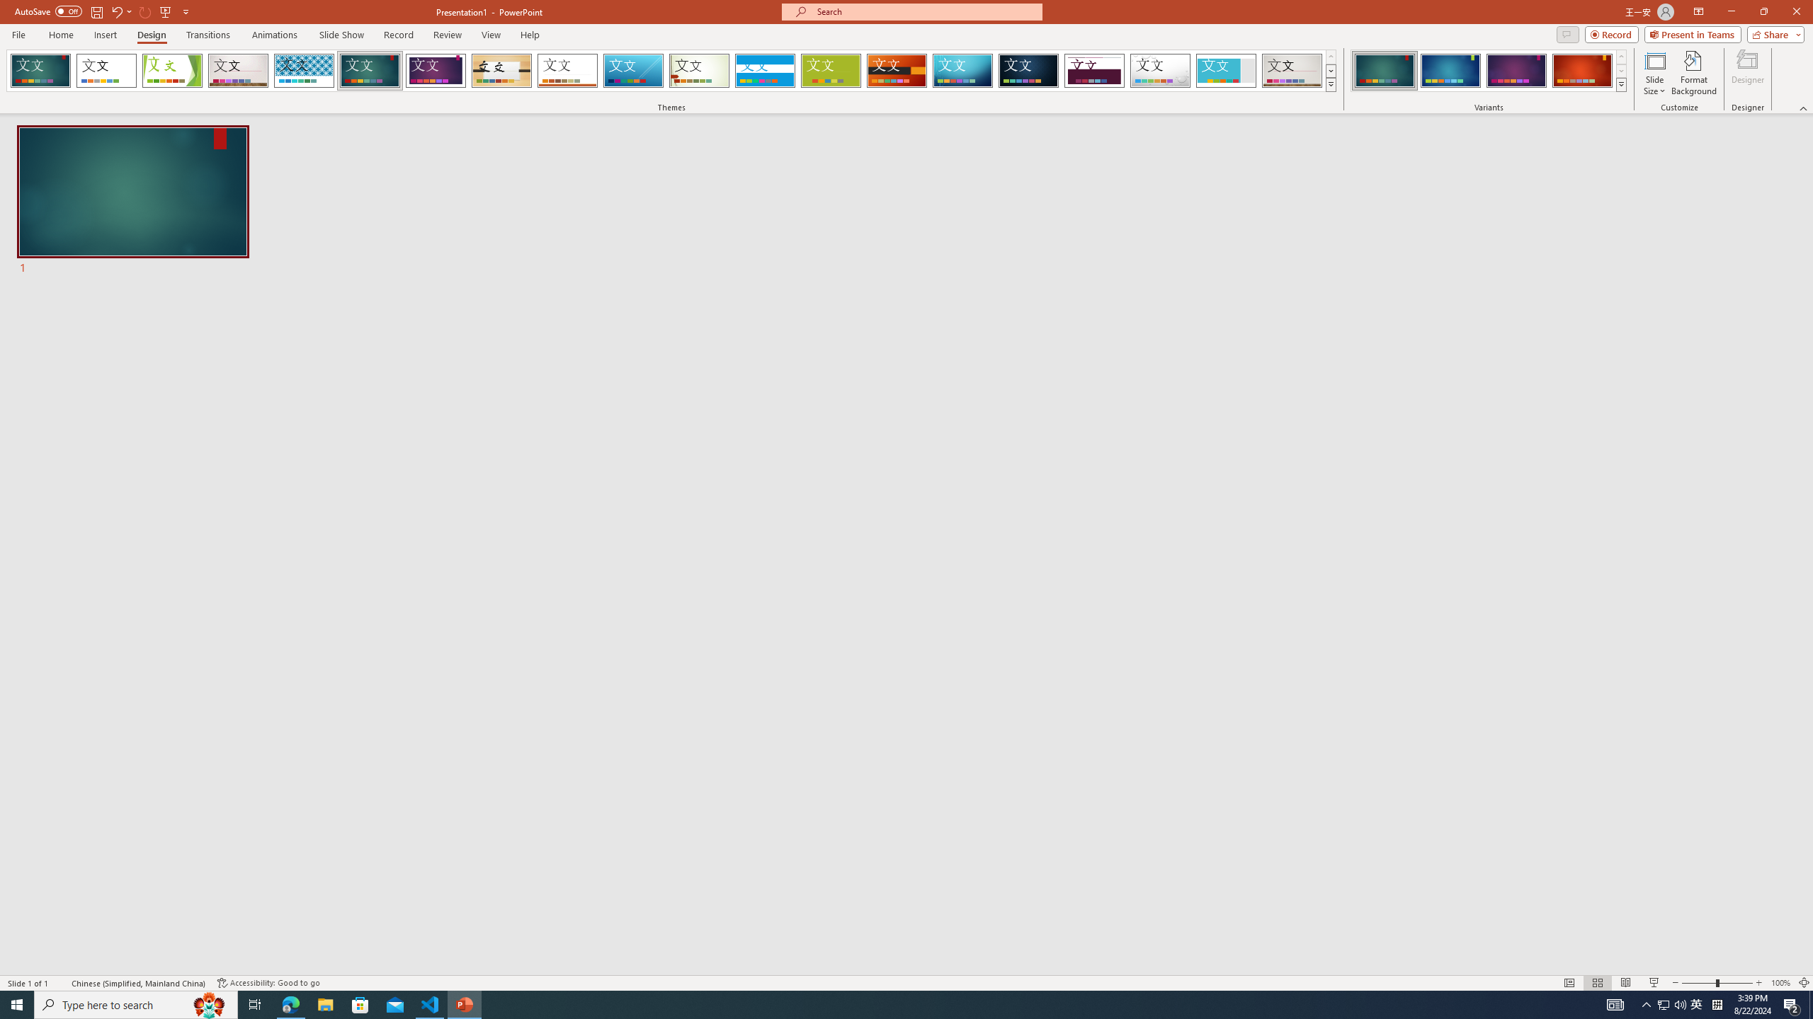  Describe the element at coordinates (765, 70) in the screenshot. I see `'Banded Loading Preview...'` at that location.